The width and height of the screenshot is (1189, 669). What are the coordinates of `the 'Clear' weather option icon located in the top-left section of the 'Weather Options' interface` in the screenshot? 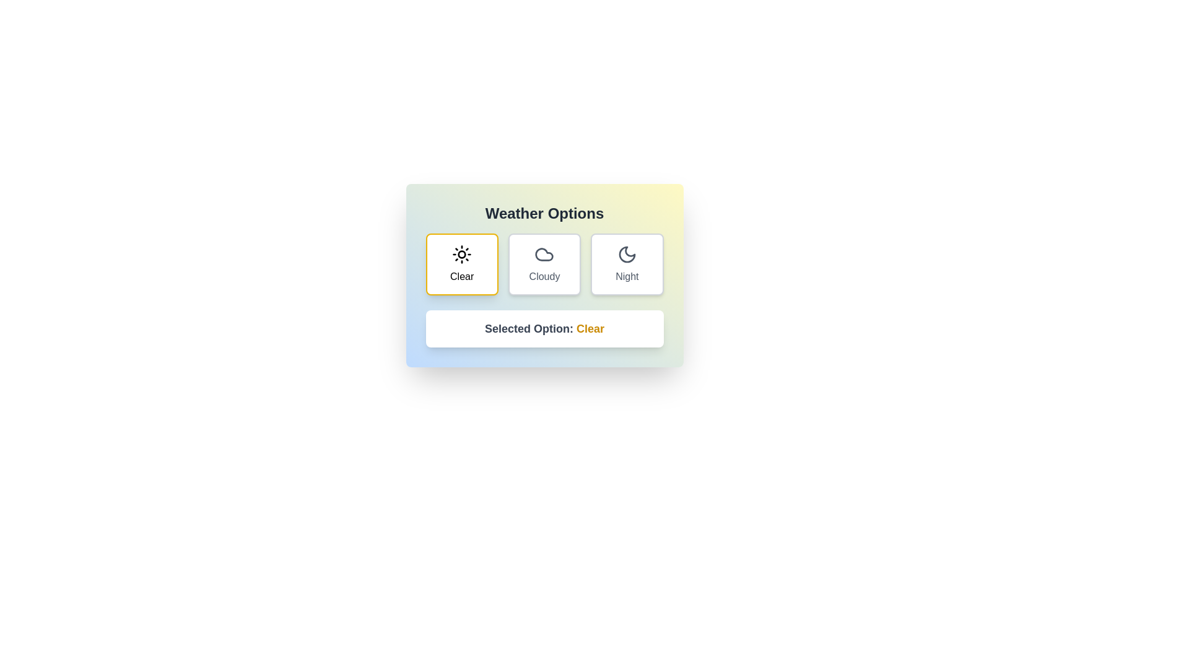 It's located at (461, 254).